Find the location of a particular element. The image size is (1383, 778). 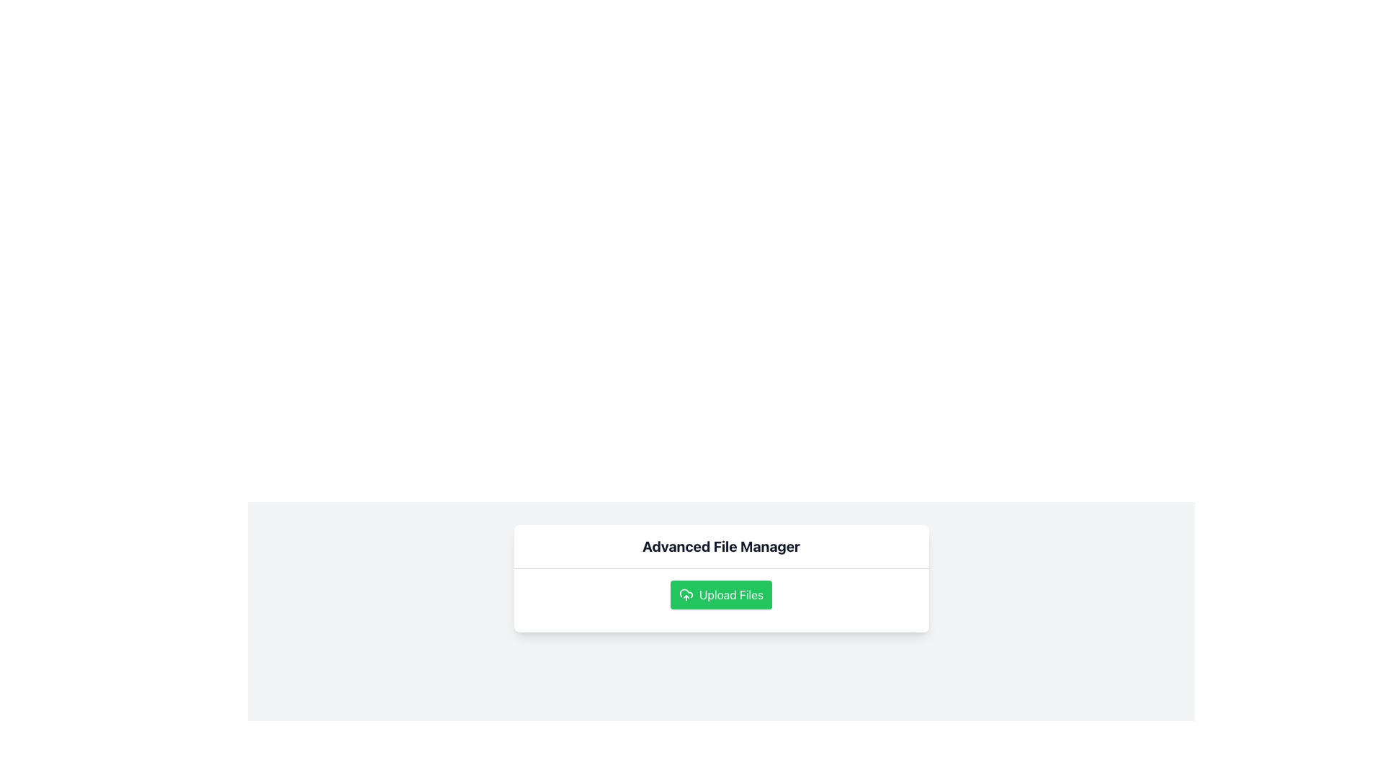

the green 'Upload Files' button with rounded corners is located at coordinates (721, 594).